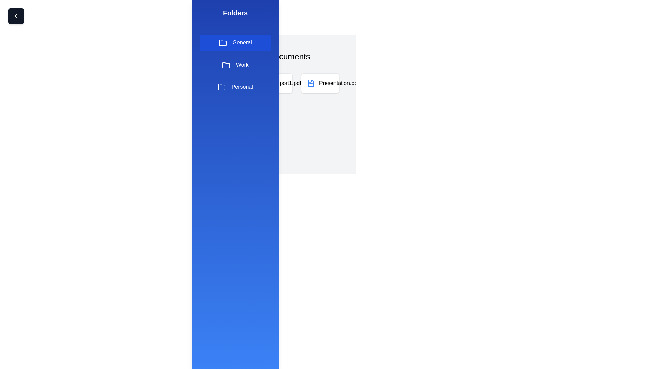 The height and width of the screenshot is (369, 656). I want to click on the 'General' folder icon in the navigation menu, which is positioned at the topmost option under the 'Folders' section, so click(223, 43).